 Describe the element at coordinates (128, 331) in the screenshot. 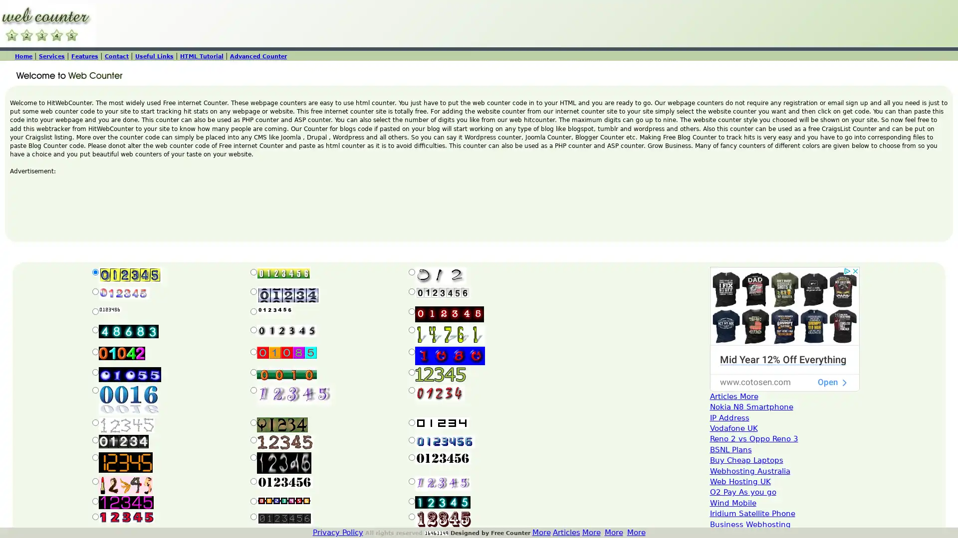

I see `Submit` at that location.